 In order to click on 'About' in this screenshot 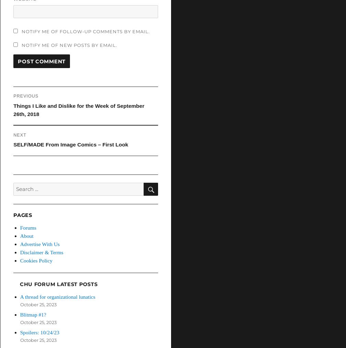, I will do `click(26, 235)`.